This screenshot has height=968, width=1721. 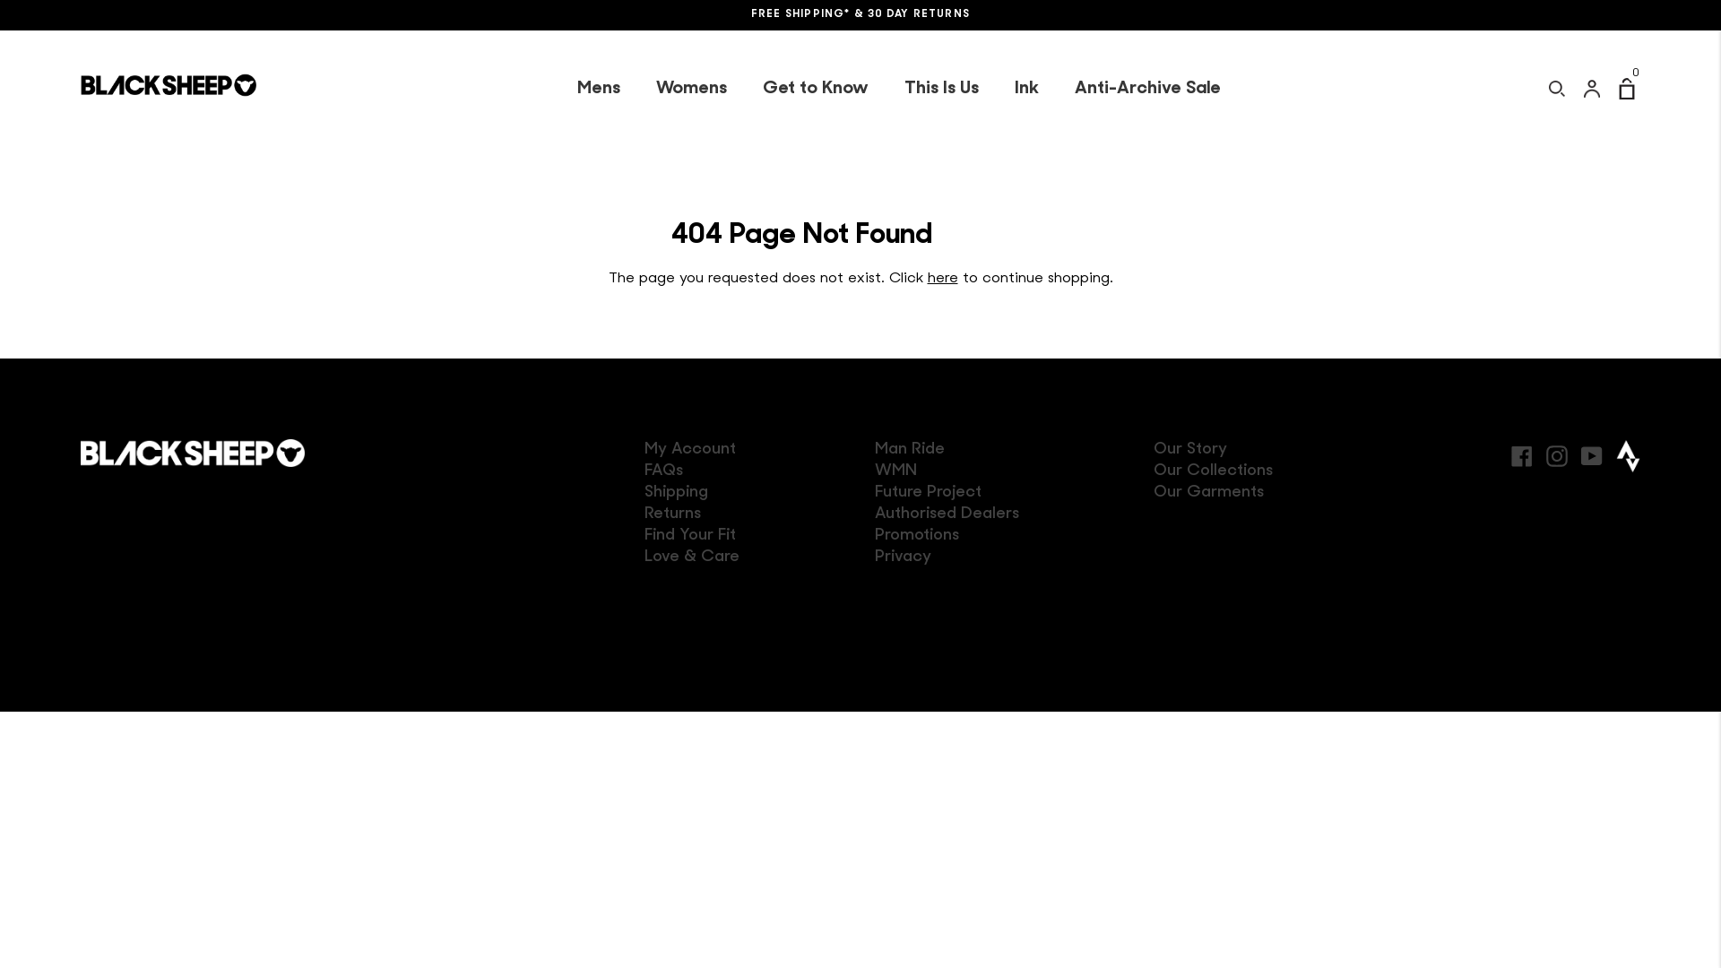 I want to click on 'Privacy', so click(x=903, y=556).